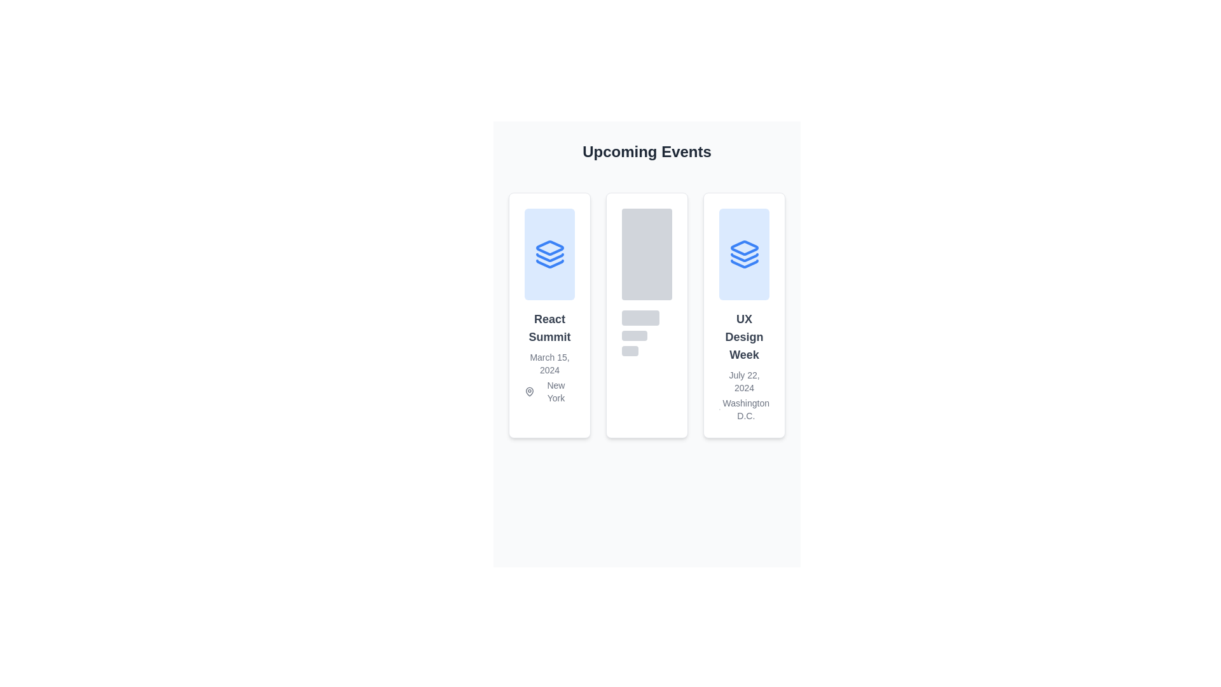 This screenshot has height=687, width=1221. What do you see at coordinates (549, 328) in the screenshot?
I see `bold and large text element that reads 'React Summit', located in the leftmost card under 'Upcoming Events'` at bounding box center [549, 328].